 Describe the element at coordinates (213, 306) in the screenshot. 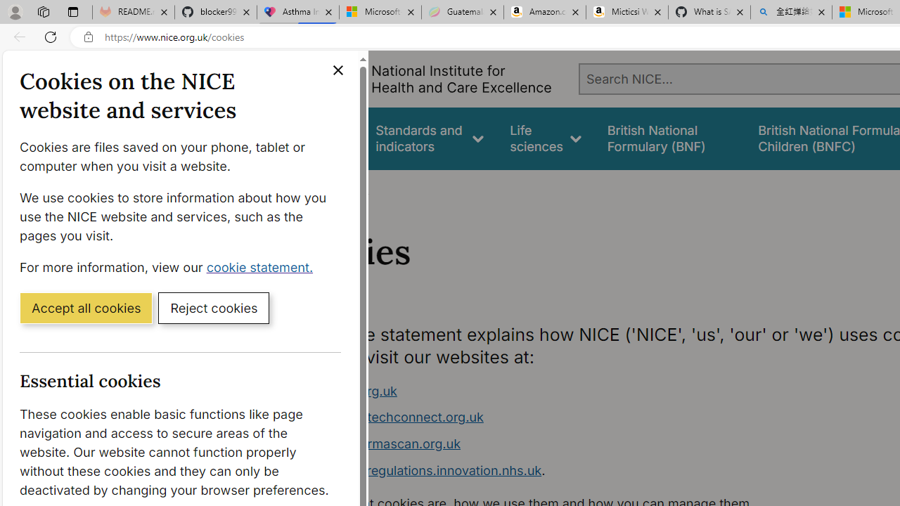

I see `'Reject cookies'` at that location.